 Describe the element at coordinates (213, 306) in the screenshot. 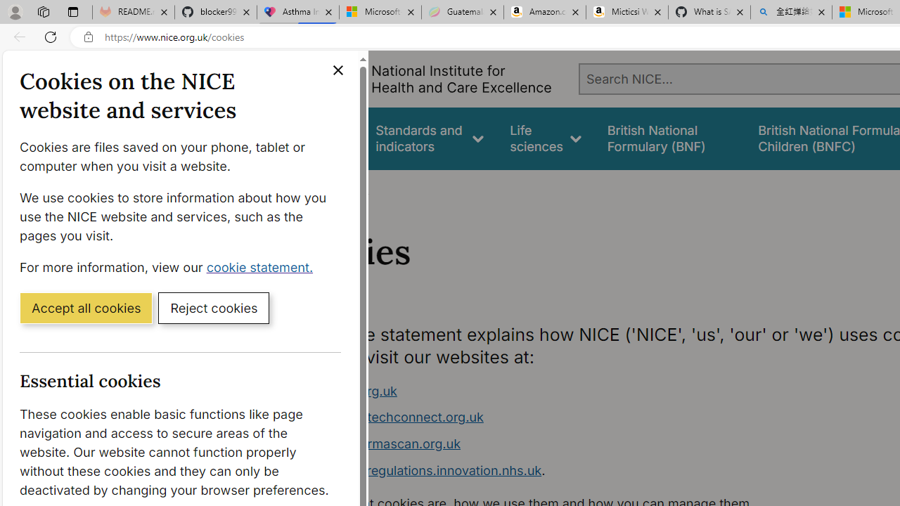

I see `'Reject cookies'` at that location.